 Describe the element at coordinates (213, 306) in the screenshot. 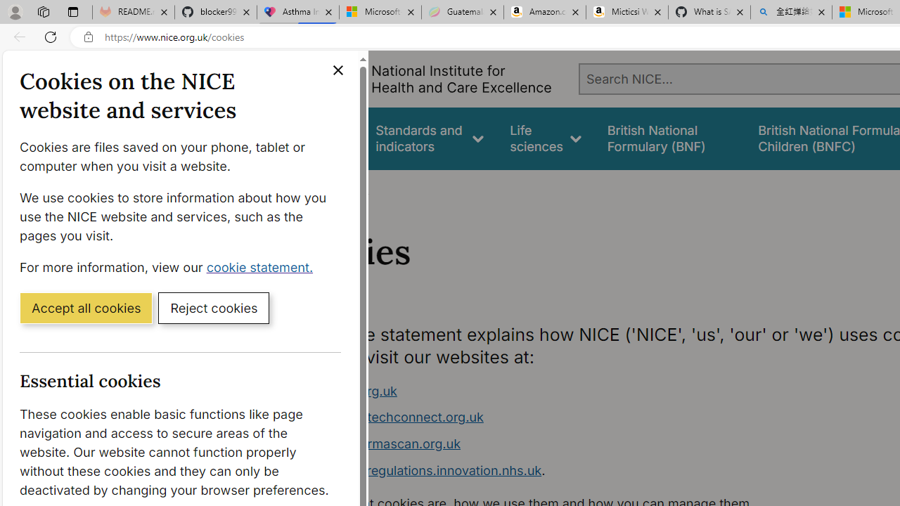

I see `'Reject cookies'` at that location.